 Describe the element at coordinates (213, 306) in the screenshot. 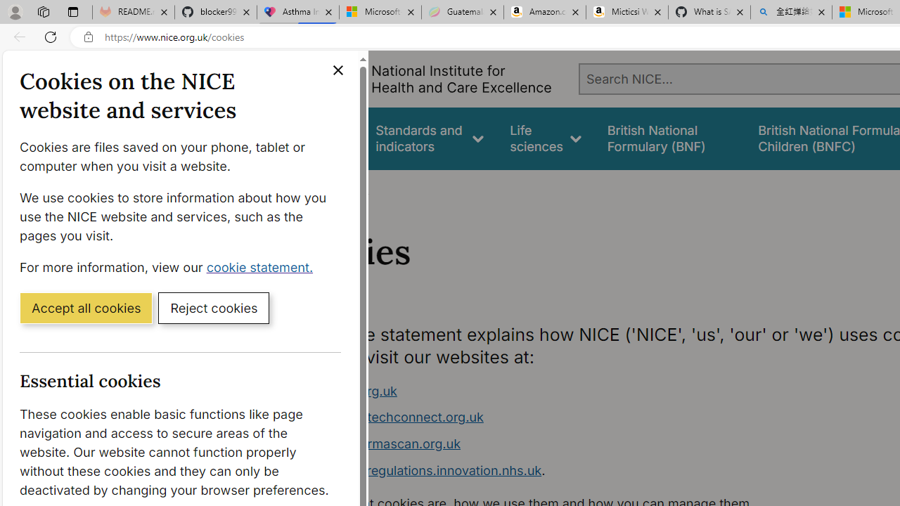

I see `'Reject cookies'` at that location.